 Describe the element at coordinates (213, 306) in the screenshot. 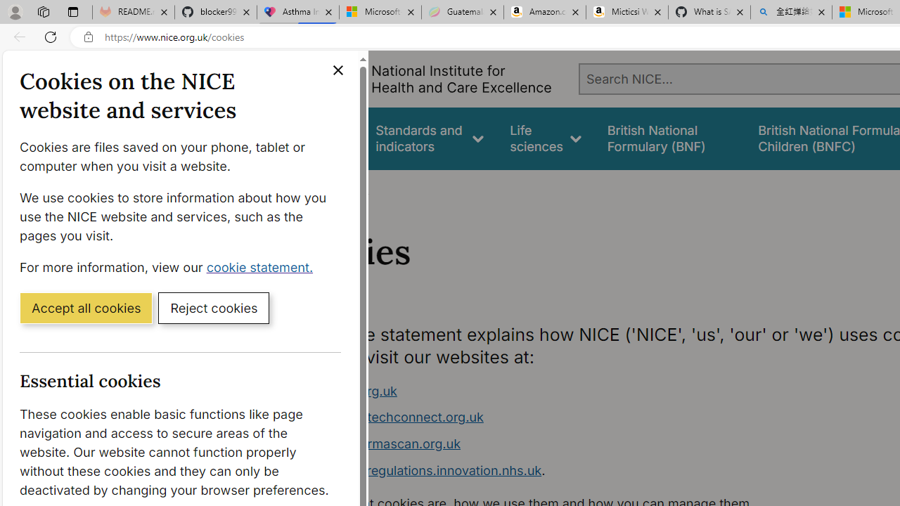

I see `'Reject cookies'` at that location.